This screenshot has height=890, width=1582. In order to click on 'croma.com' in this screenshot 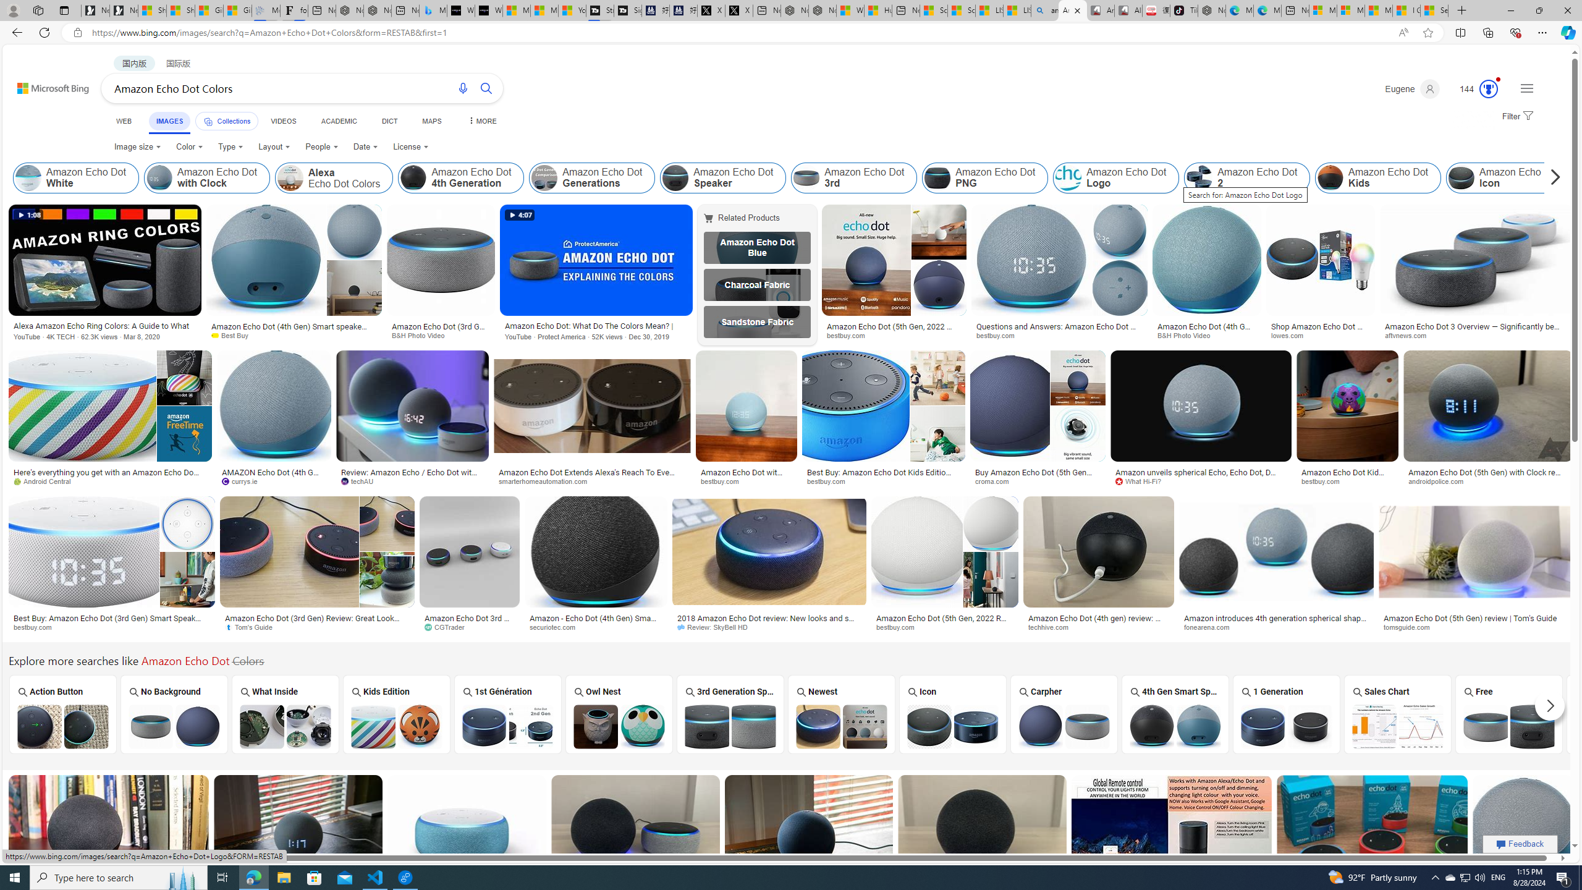, I will do `click(1038, 481)`.